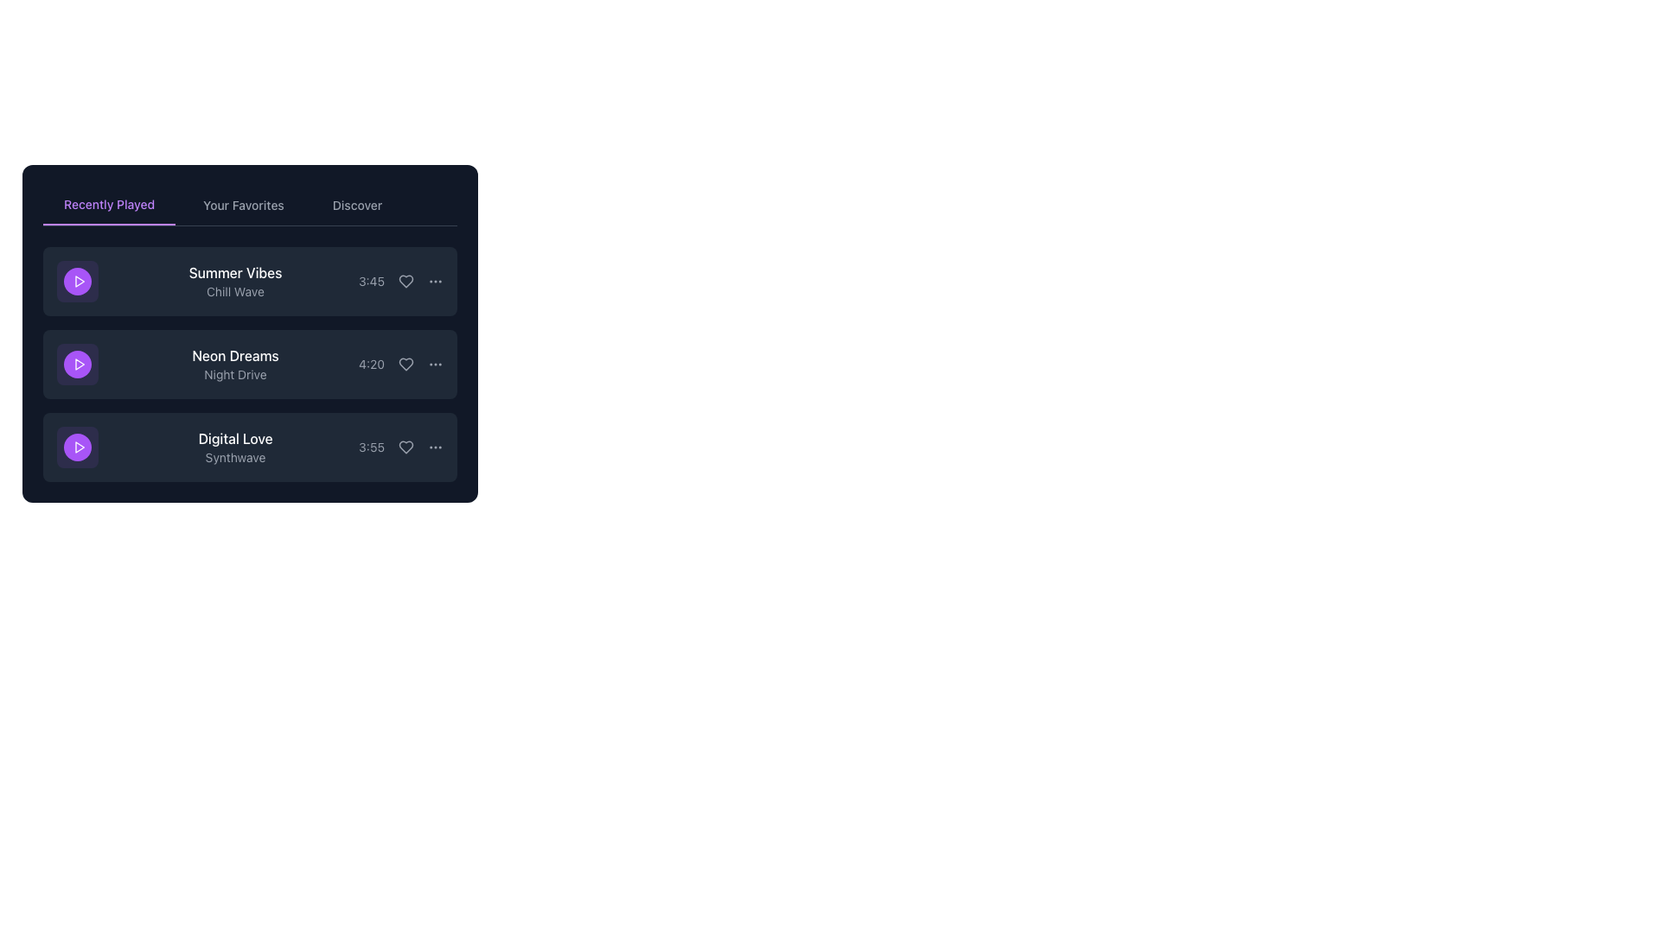  Describe the element at coordinates (234, 291) in the screenshot. I see `the 'Chill Wave' text label, which is displayed in a smaller gray font beneath the 'Summer Vibes' heading in the 'Recently Played' section` at that location.